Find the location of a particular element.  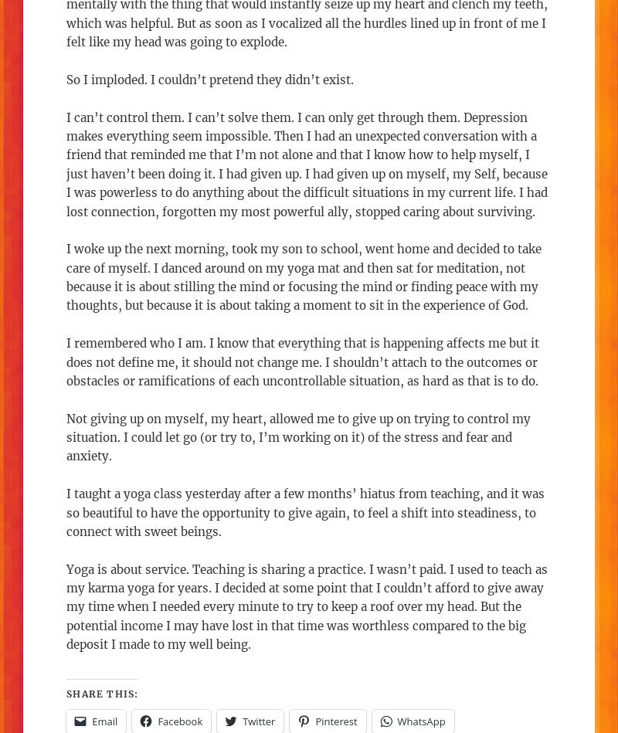

'Email' is located at coordinates (104, 719).